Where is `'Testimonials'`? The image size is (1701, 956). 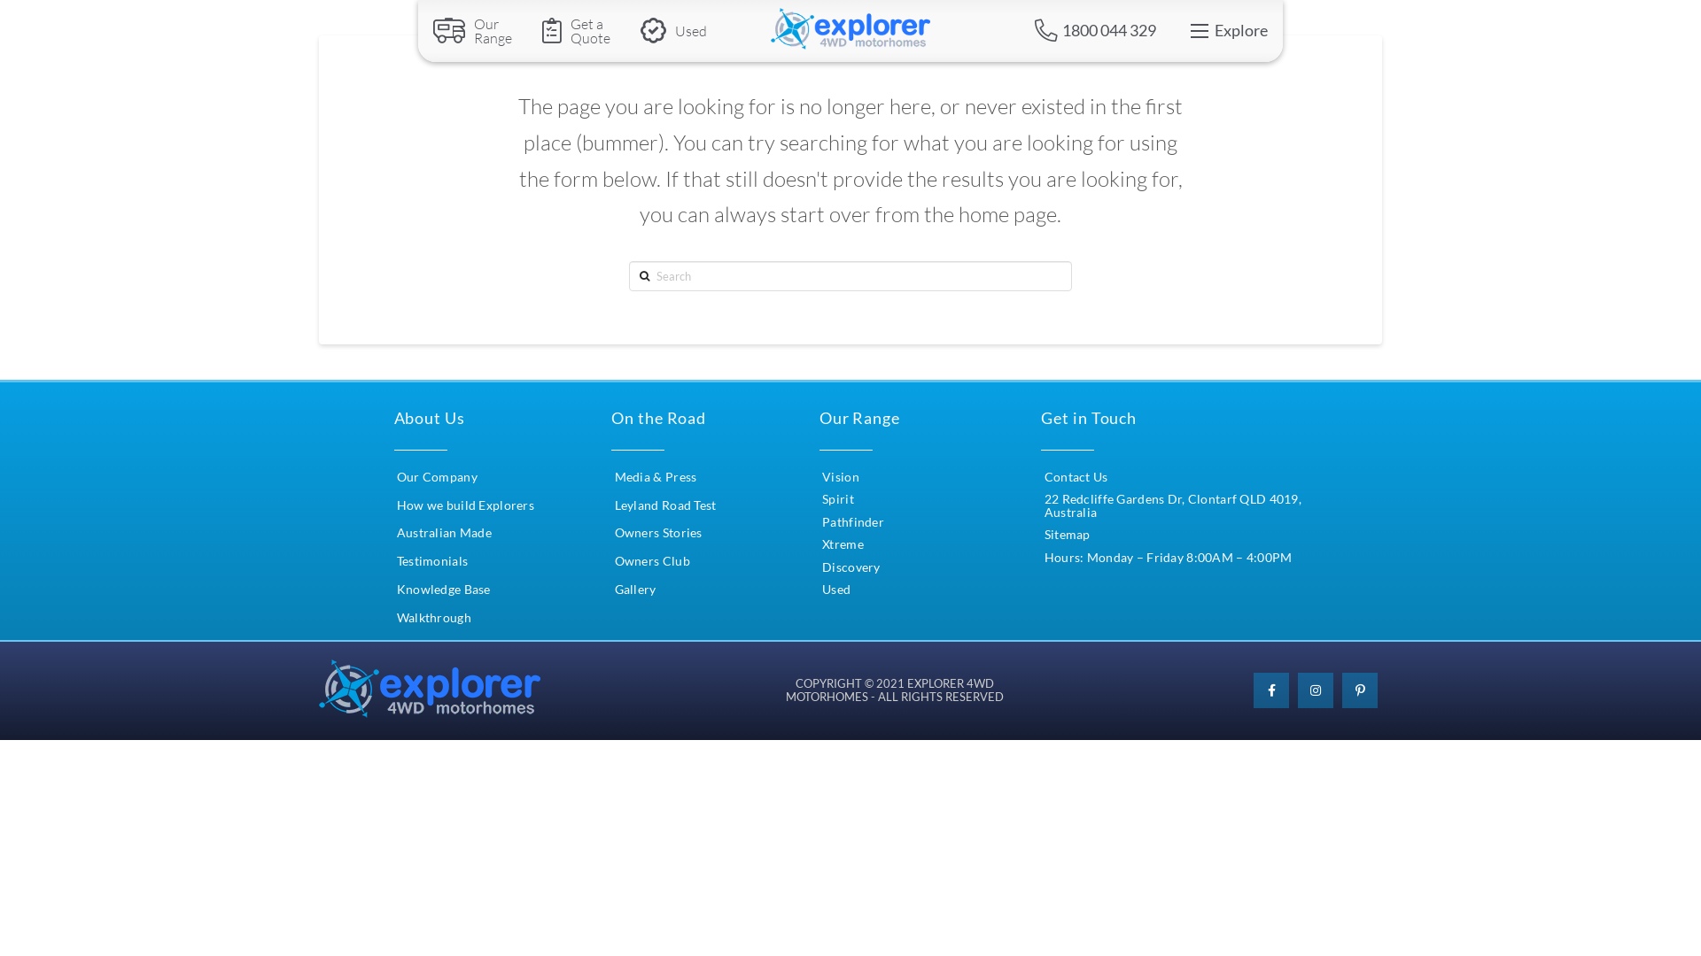 'Testimonials' is located at coordinates (431, 562).